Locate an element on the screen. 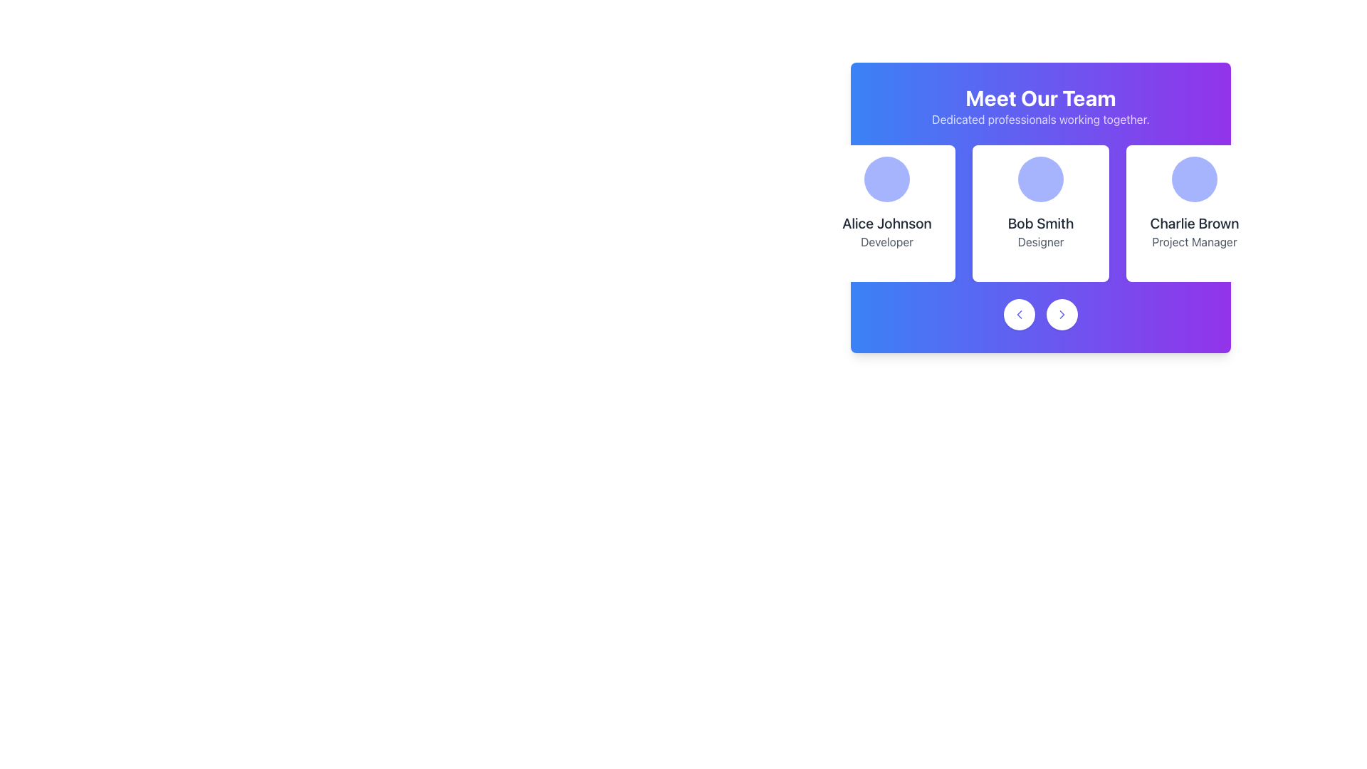 This screenshot has height=769, width=1367. the Profile card displaying information about an individual, positioned as the second card in a horizontal list of three cards, flanked by 'Alice Johnson' and 'Charlie Brown' is located at coordinates (1041, 208).